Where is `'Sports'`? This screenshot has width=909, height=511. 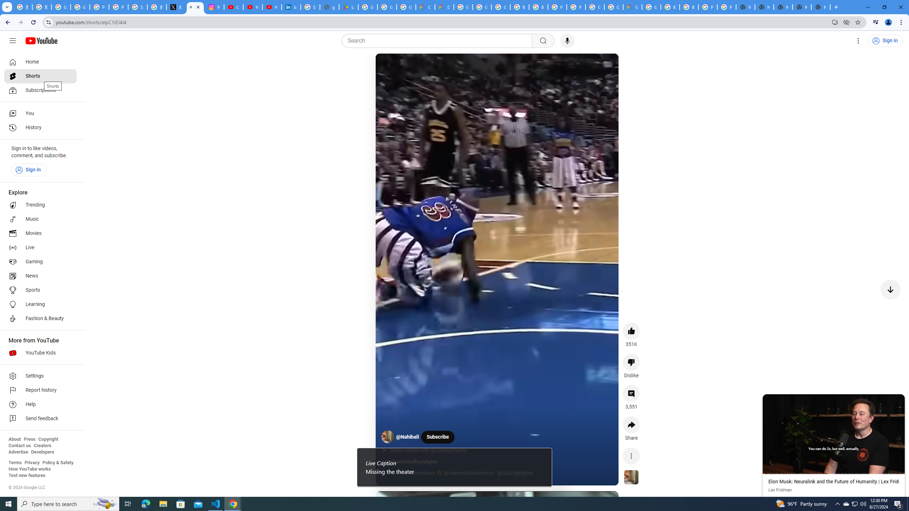 'Sports' is located at coordinates (40, 290).